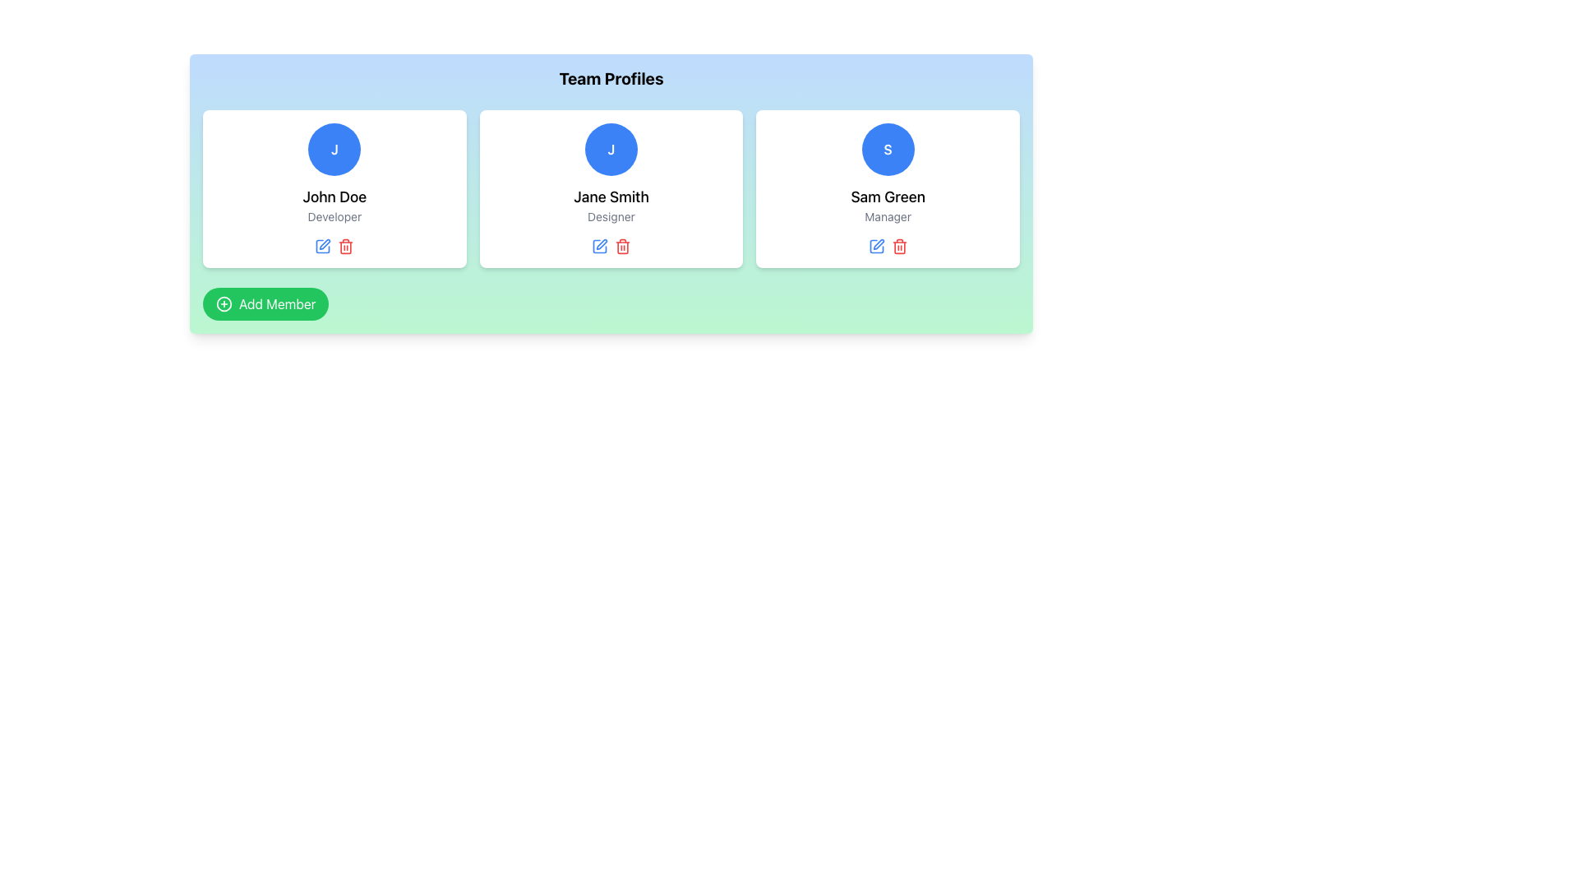 The height and width of the screenshot is (888, 1578). What do you see at coordinates (875, 247) in the screenshot?
I see `the edit icon for the 'Sam Green' profile, which is located below the text 'Sam Green - Manager' in the last card of 'Team Profiles'` at bounding box center [875, 247].